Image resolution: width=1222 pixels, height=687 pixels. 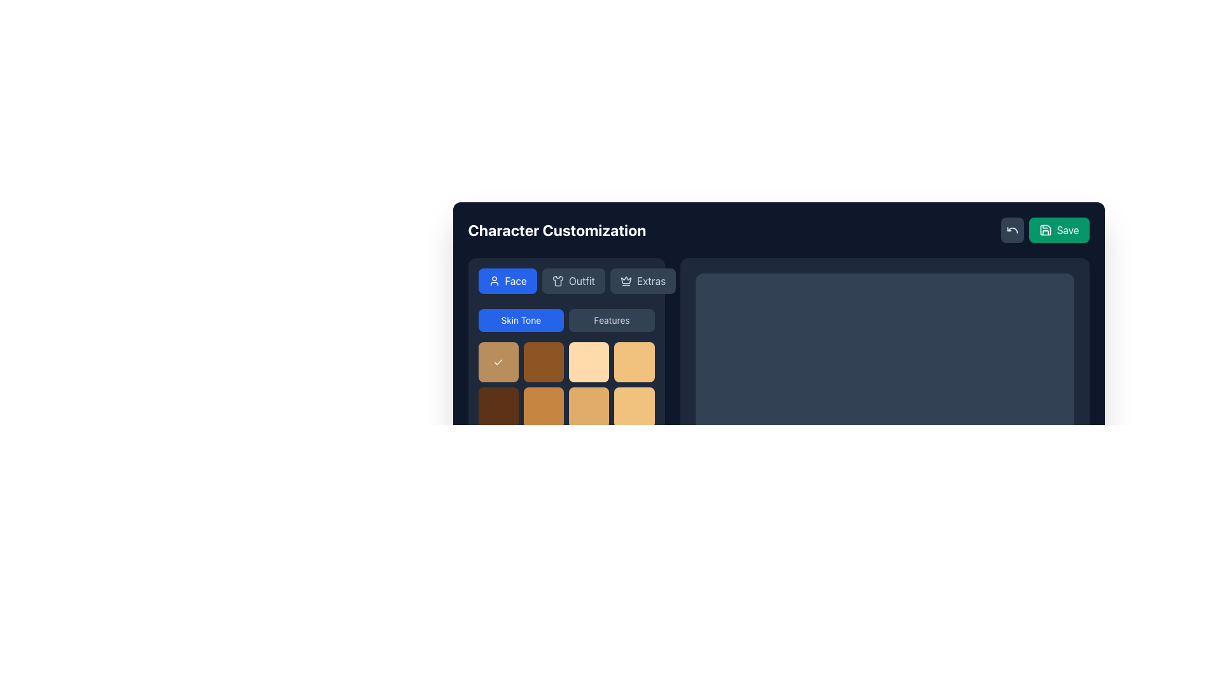 What do you see at coordinates (635, 362) in the screenshot?
I see `the fourth square element with a rounded edge and a light peach background color in the top row of the grid` at bounding box center [635, 362].